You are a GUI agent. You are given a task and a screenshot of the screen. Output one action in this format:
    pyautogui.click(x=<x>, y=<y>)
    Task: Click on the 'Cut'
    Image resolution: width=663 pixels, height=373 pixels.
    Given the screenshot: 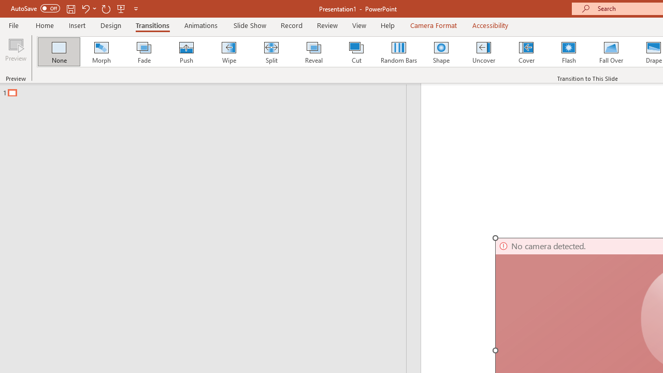 What is the action you would take?
    pyautogui.click(x=356, y=52)
    